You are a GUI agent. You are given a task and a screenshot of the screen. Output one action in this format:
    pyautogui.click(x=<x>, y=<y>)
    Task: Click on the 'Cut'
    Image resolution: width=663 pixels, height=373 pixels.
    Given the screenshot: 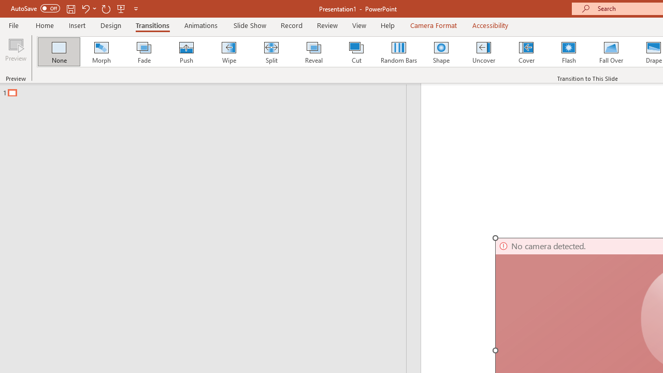 What is the action you would take?
    pyautogui.click(x=356, y=52)
    